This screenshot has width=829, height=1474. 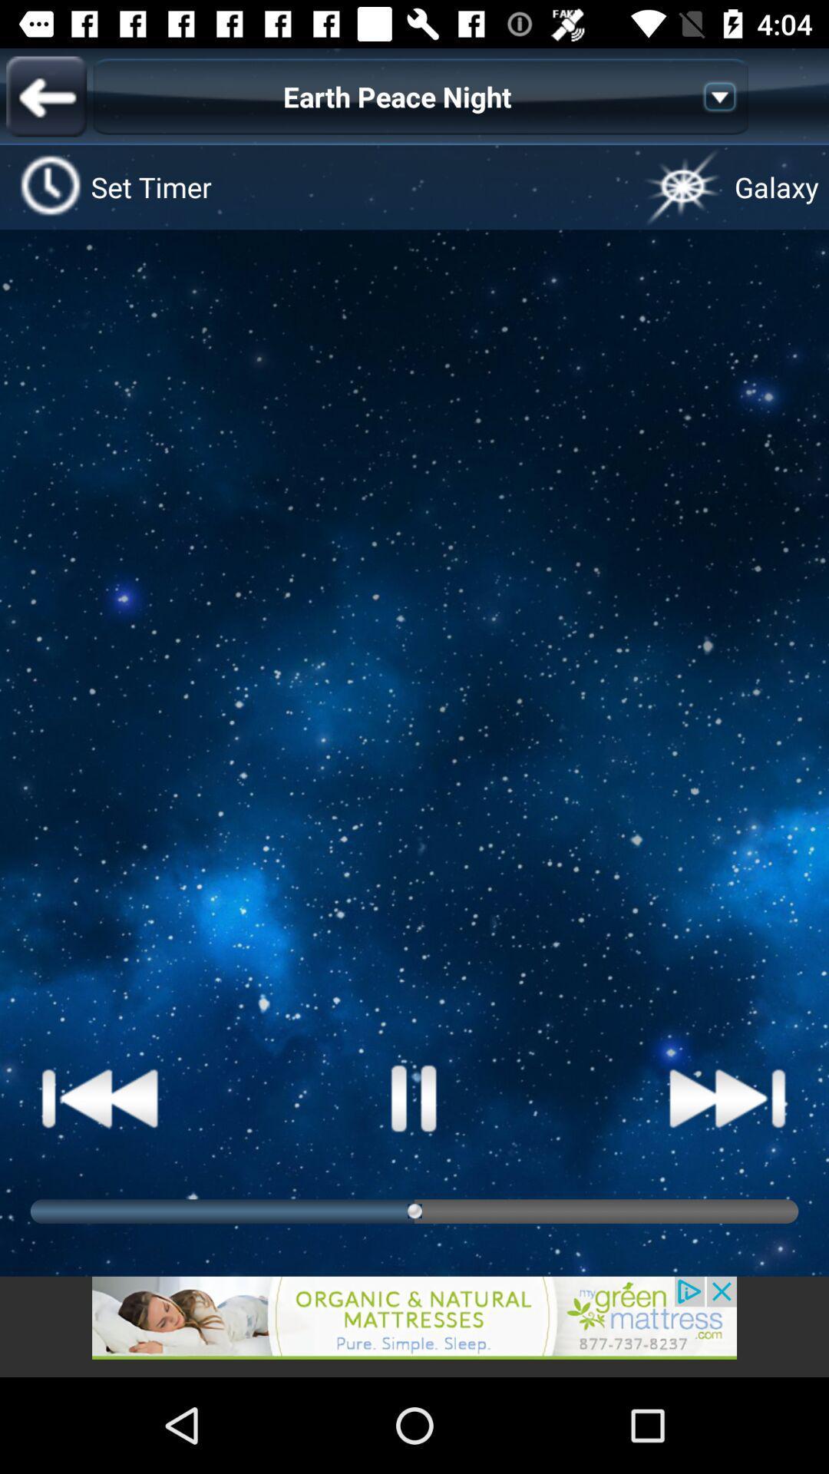 I want to click on the arrow_backward icon, so click(x=45, y=95).